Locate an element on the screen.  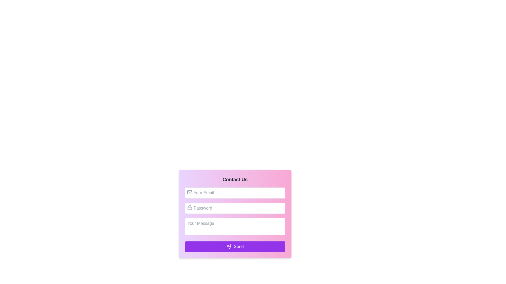
the password input field located below the 'Email' input field and above the 'Your Message' text area to focus on it is located at coordinates (235, 214).